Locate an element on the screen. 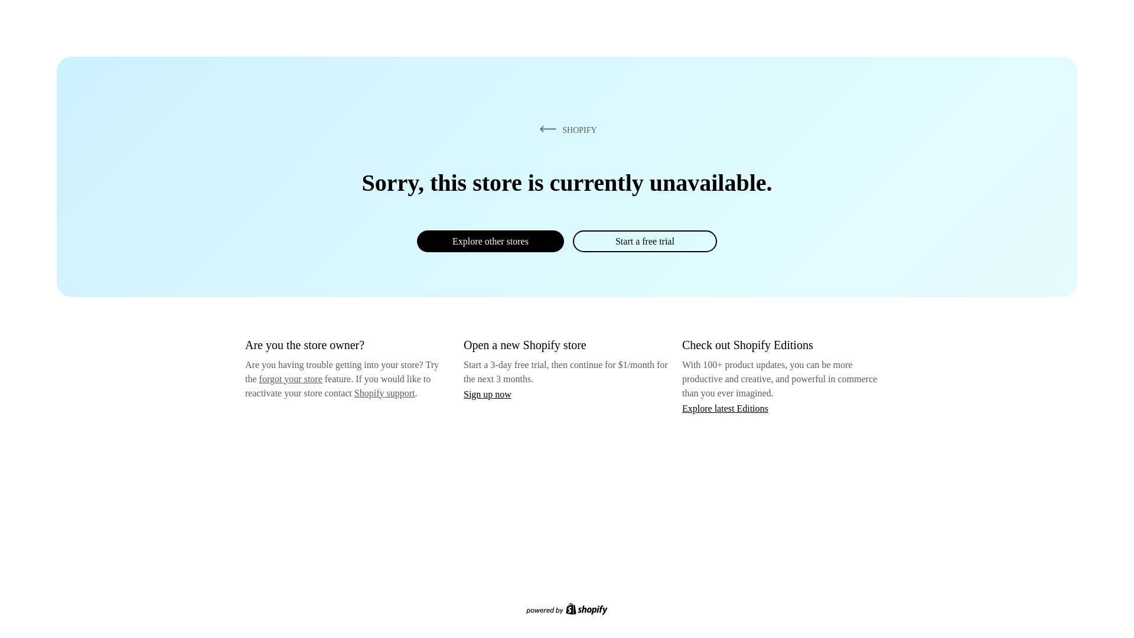 This screenshot has height=638, width=1134. 'Sign up now' is located at coordinates (487, 394).